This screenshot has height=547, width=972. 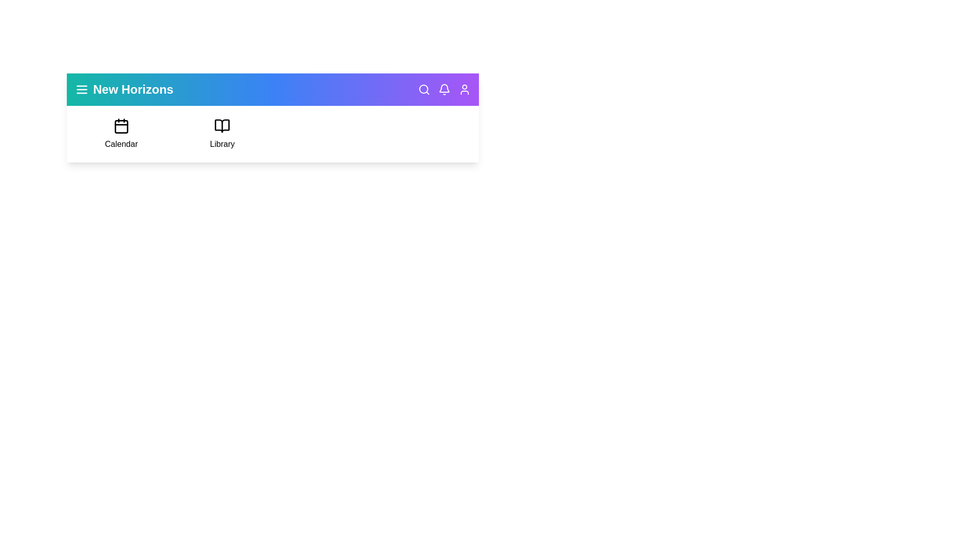 What do you see at coordinates (82, 89) in the screenshot?
I see `the main menu button to toggle the menu visibility` at bounding box center [82, 89].